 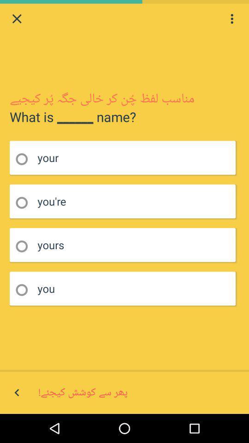 What do you see at coordinates (24, 159) in the screenshot?
I see `highlights an option` at bounding box center [24, 159].